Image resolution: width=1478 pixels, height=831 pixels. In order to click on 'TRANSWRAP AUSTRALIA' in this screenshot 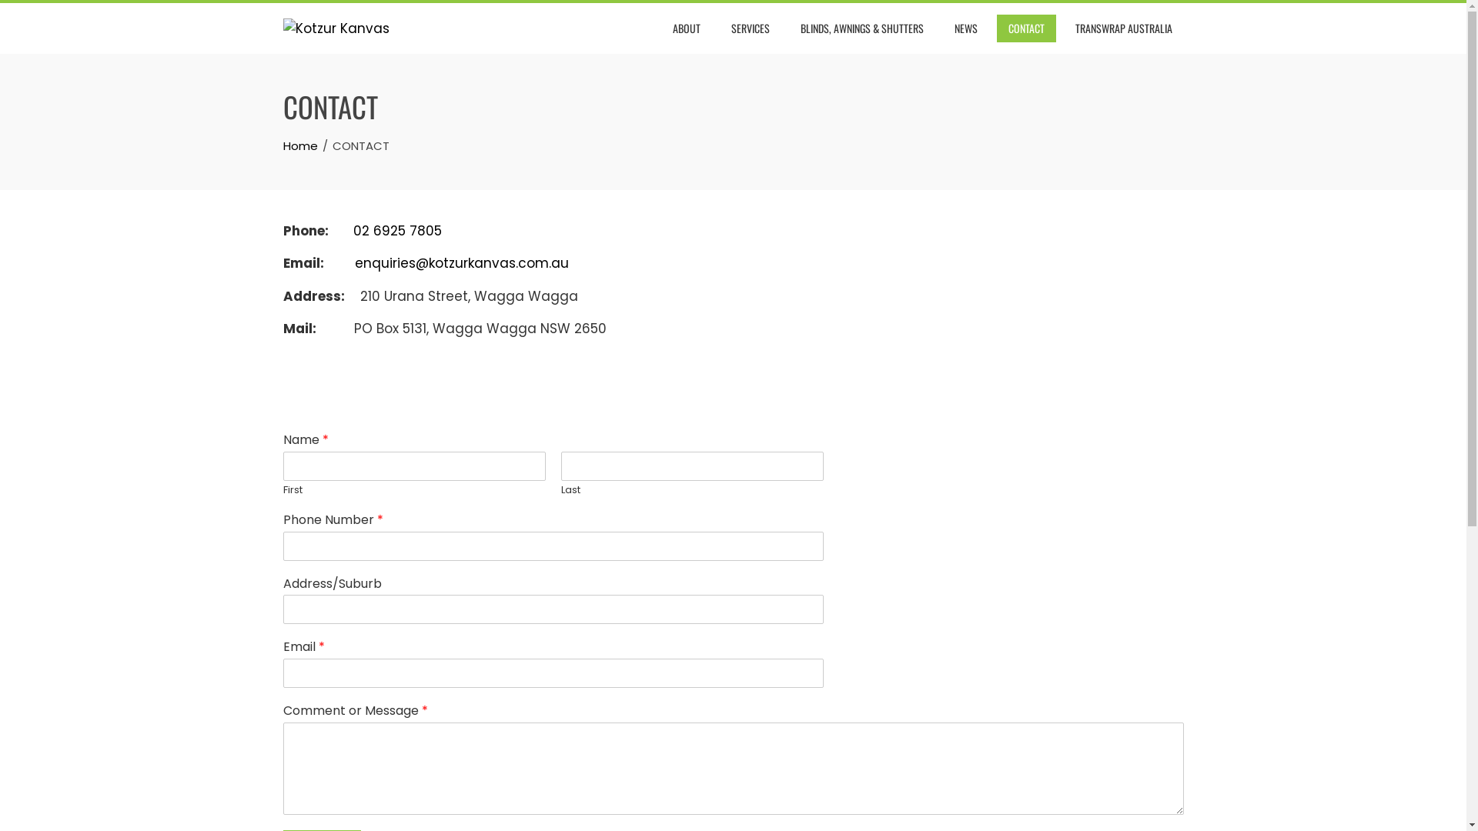, I will do `click(1123, 28)`.